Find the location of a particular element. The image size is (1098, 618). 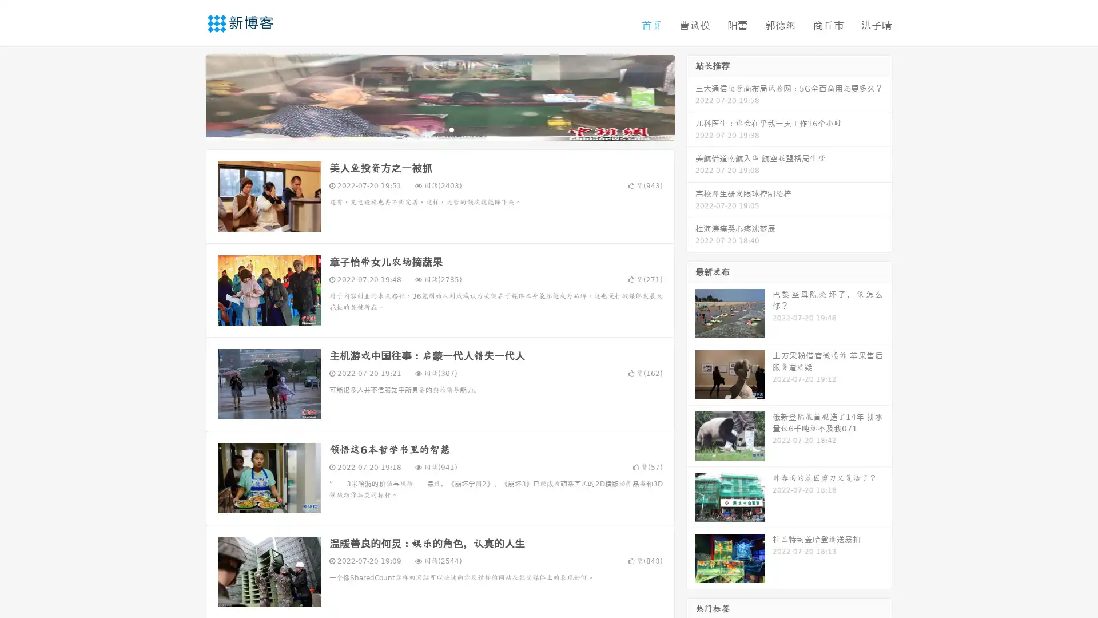

Go to slide 2 is located at coordinates (439, 129).